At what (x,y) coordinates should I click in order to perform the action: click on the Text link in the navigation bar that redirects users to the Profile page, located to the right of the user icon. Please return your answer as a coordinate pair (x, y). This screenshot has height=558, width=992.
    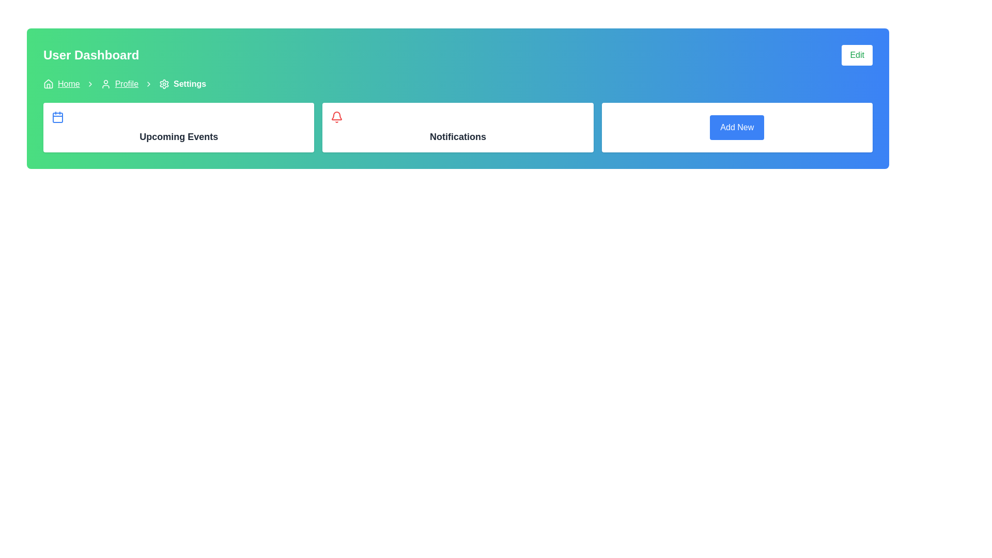
    Looking at the image, I should click on (126, 83).